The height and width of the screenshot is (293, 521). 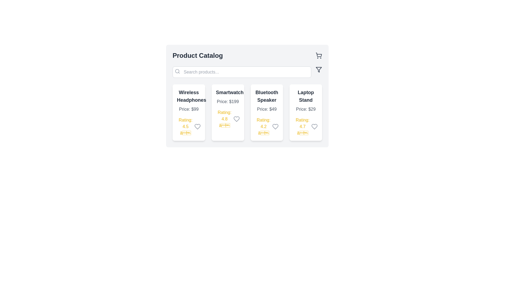 I want to click on the text label displaying the price of the 'Smartwatch' product, which shows 'Price: $199' in the product catalog interface, so click(x=228, y=101).